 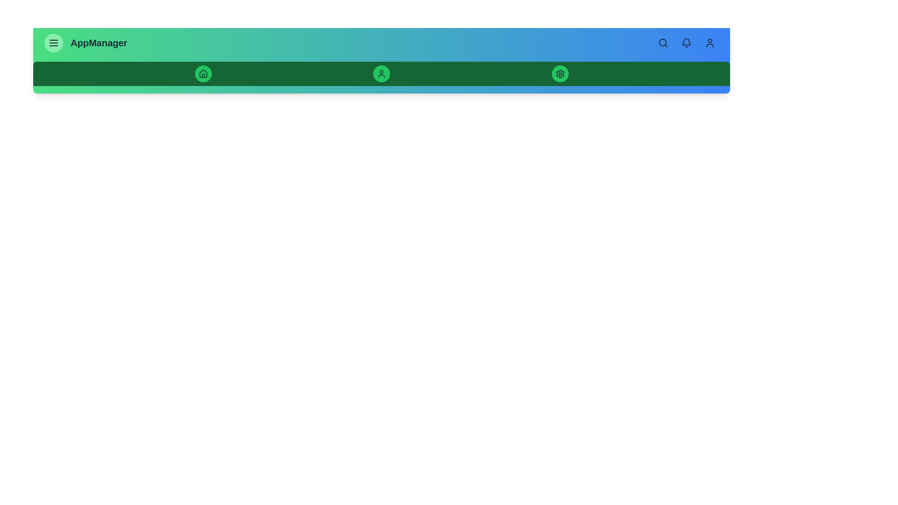 I want to click on the user profile button, so click(x=710, y=43).